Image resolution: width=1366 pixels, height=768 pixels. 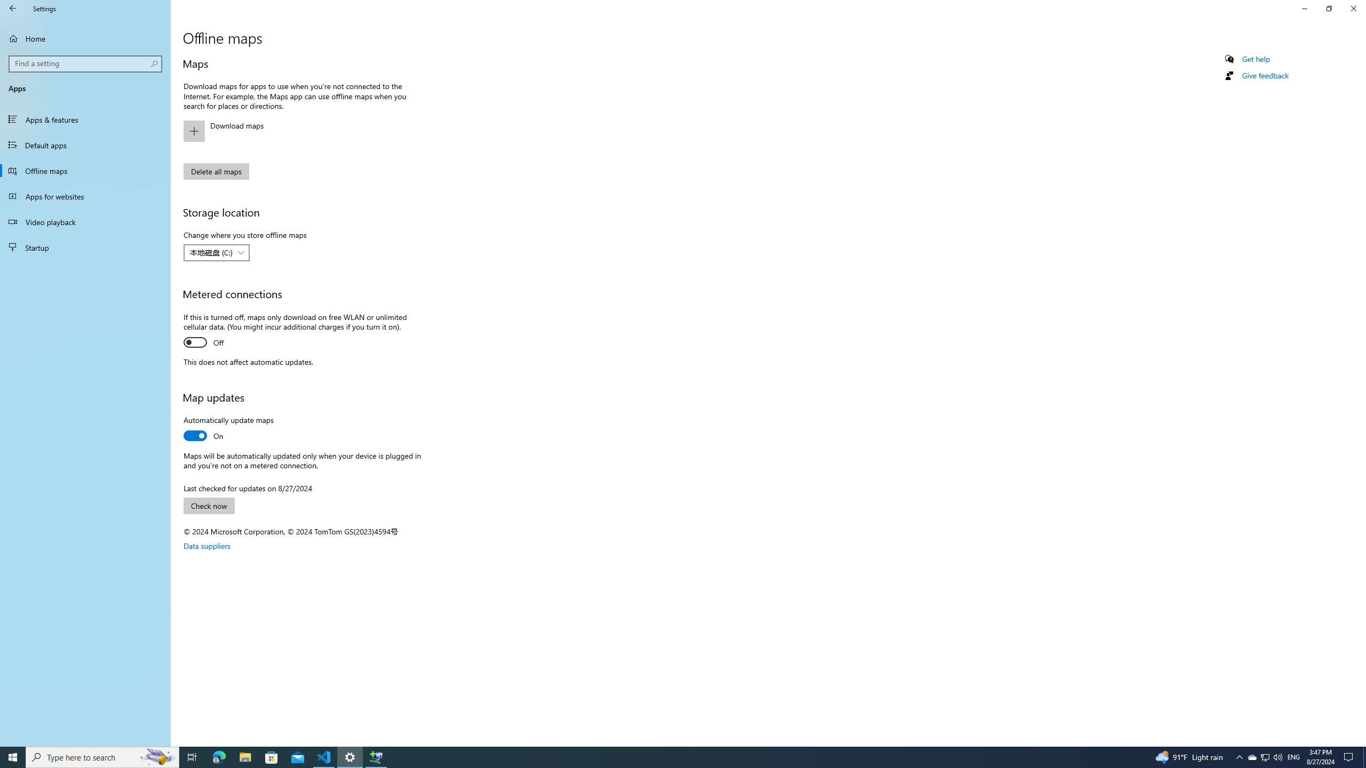 What do you see at coordinates (207, 545) in the screenshot?
I see `'Data suppliers'` at bounding box center [207, 545].